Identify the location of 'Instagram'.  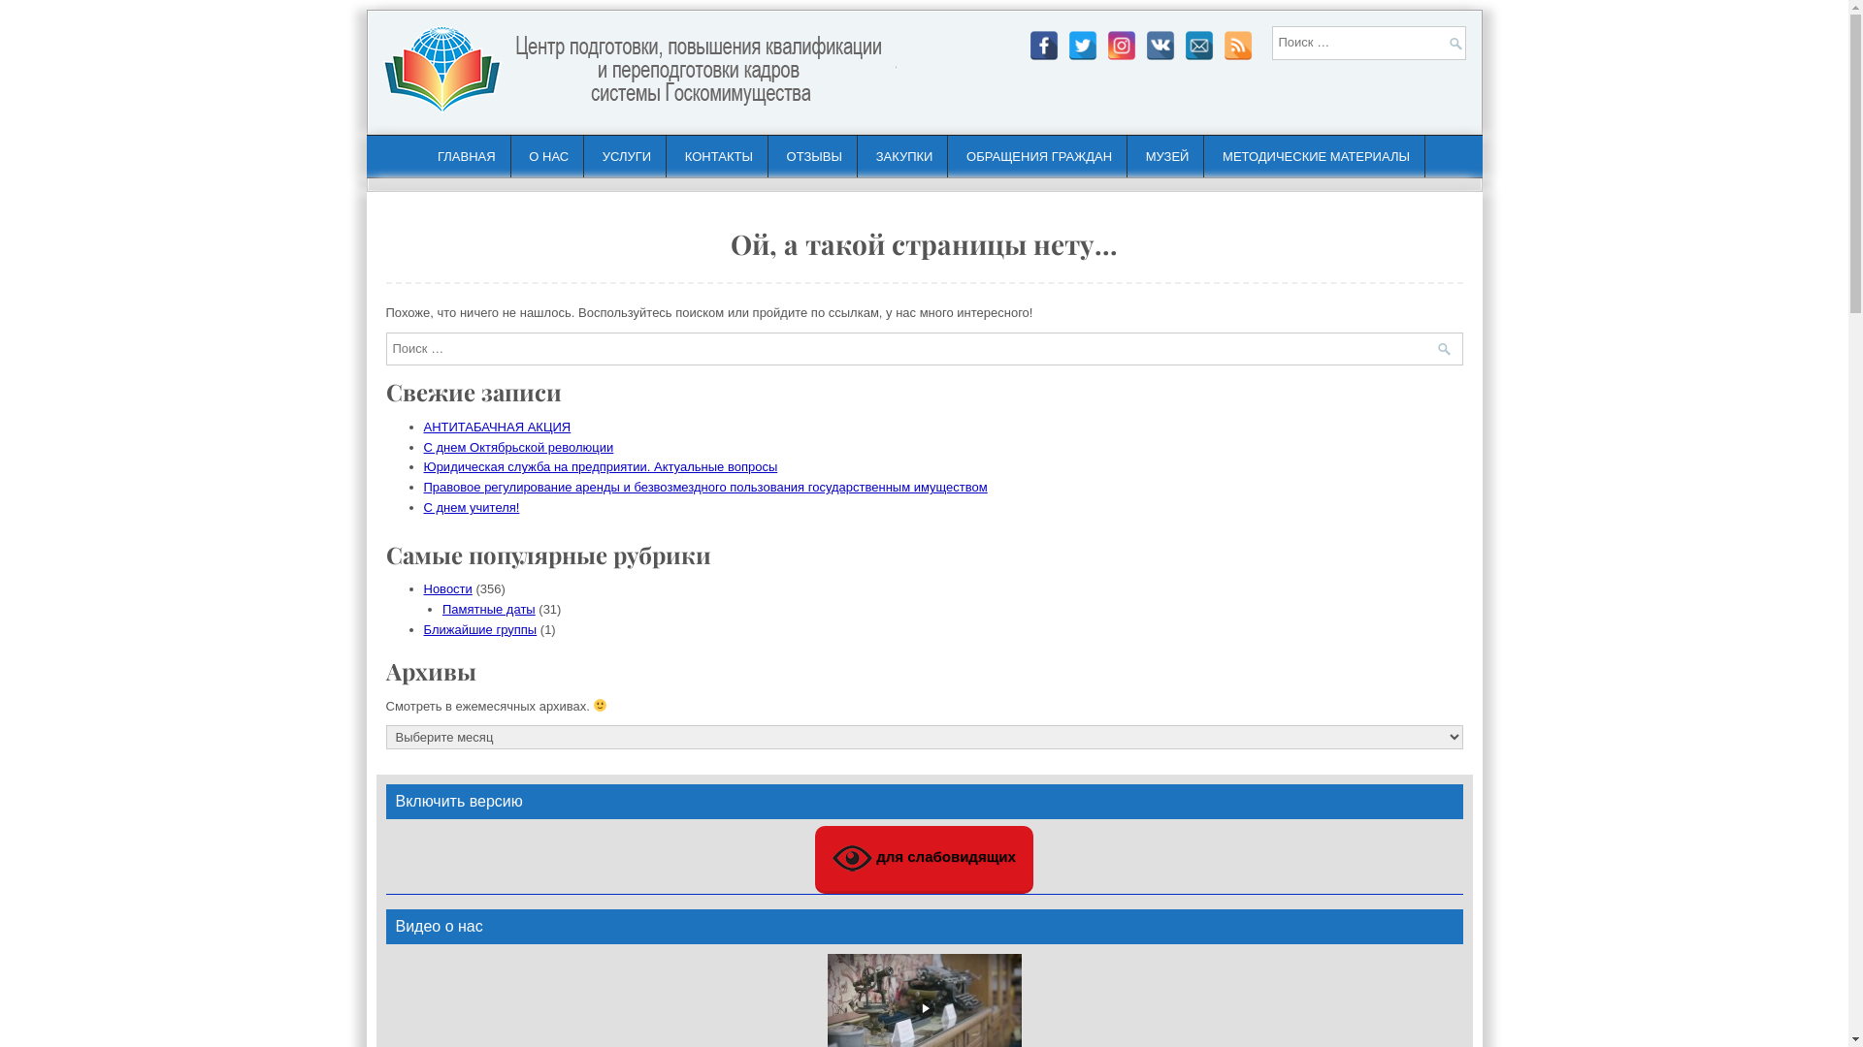
(1121, 44).